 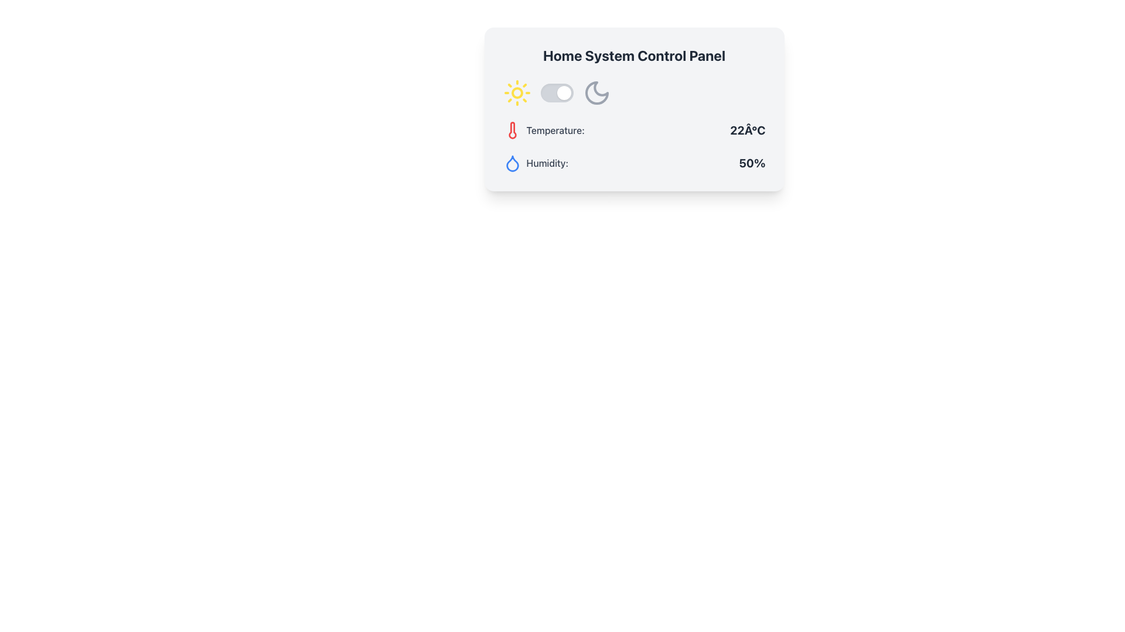 What do you see at coordinates (752, 163) in the screenshot?
I see `the text element that displays '50%' in bold XL size dark gray font, located at the bottom-right section of the humidity information card` at bounding box center [752, 163].